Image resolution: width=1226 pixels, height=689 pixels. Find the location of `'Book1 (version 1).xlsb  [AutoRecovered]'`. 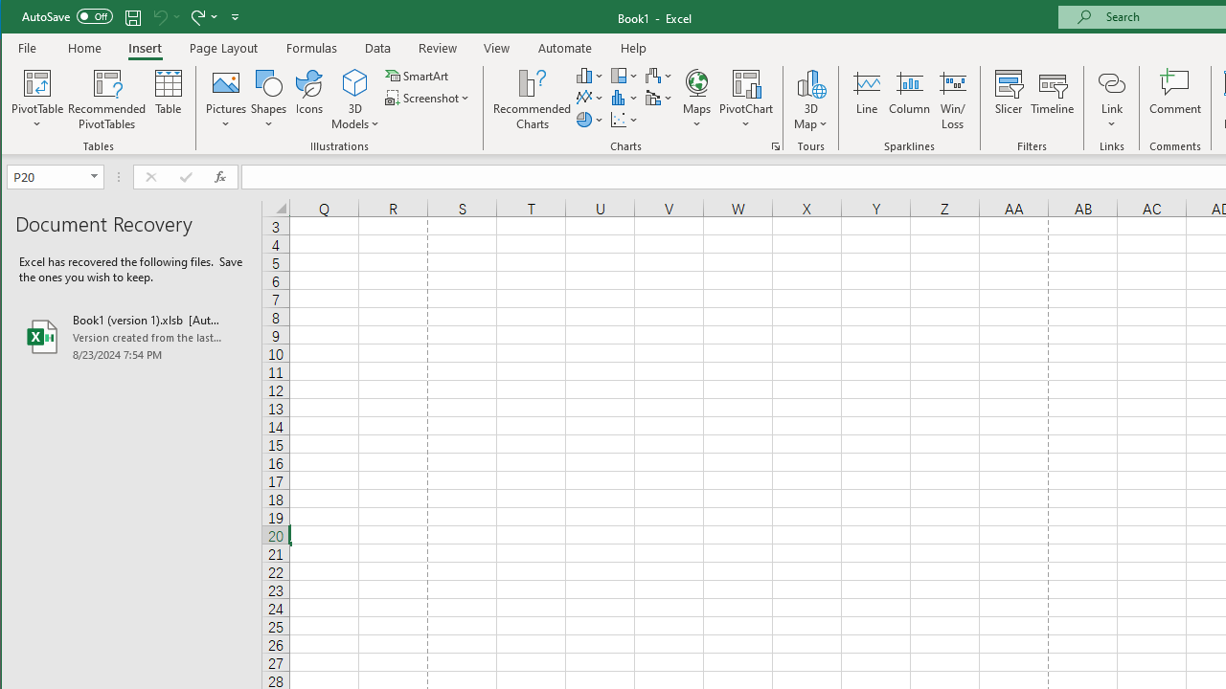

'Book1 (version 1).xlsb  [AutoRecovered]' is located at coordinates (130, 336).